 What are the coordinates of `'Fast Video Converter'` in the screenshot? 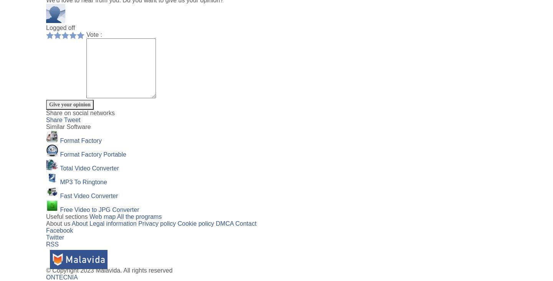 It's located at (89, 196).